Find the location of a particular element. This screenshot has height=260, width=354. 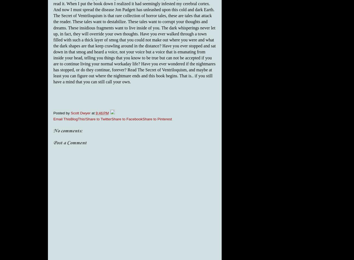

'at' is located at coordinates (93, 113).